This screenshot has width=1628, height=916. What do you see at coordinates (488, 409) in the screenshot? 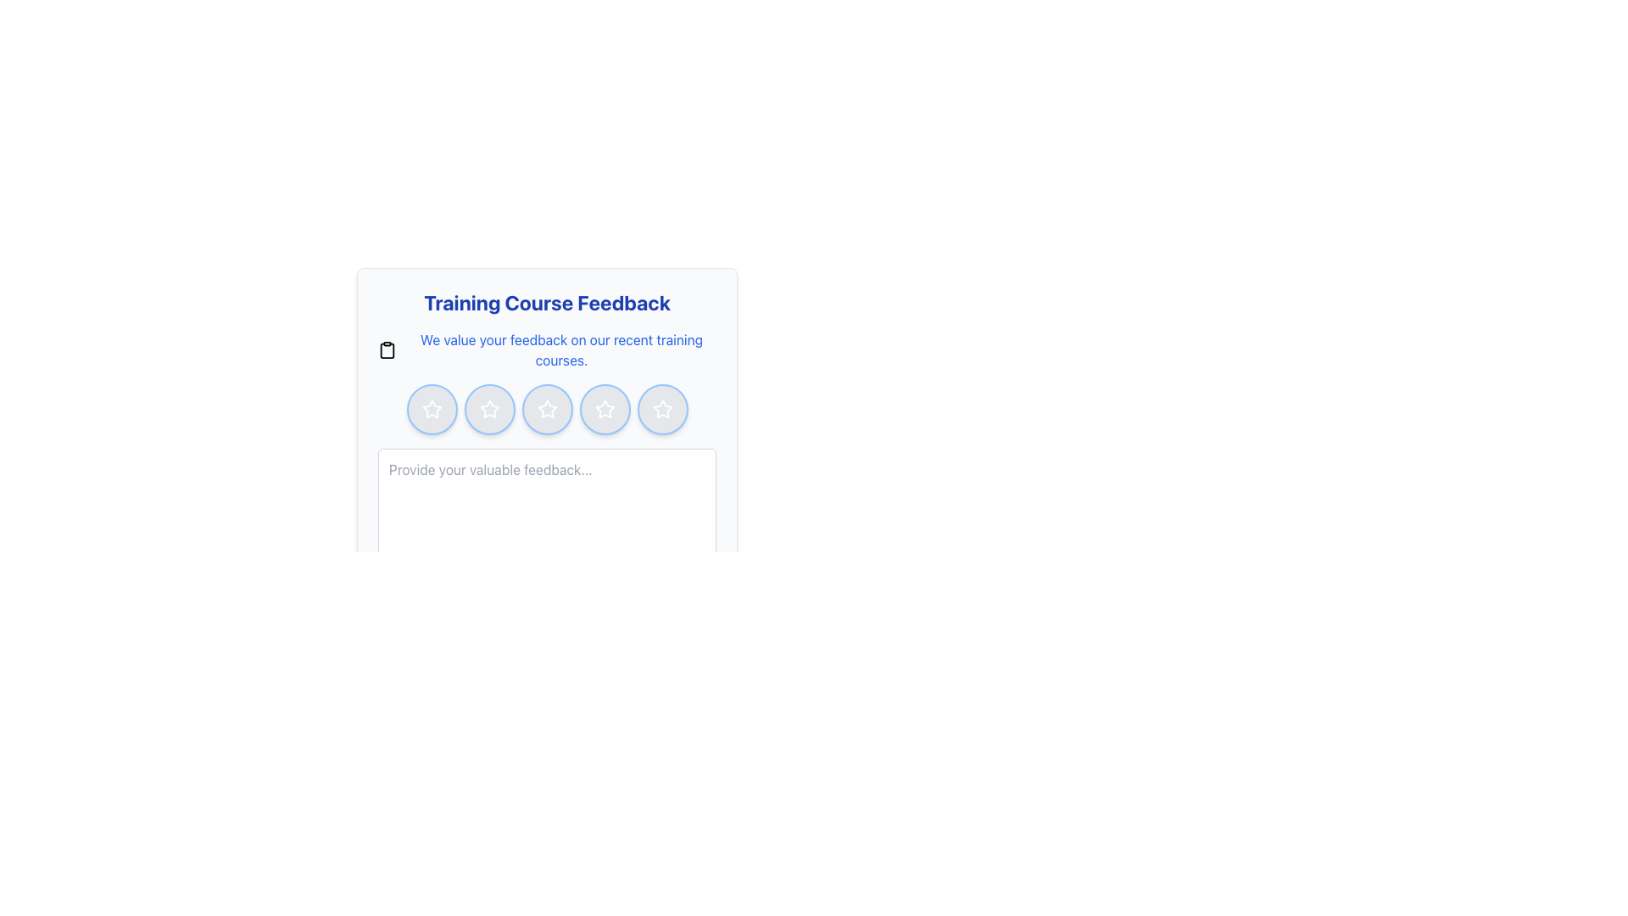
I see `the second Rating Button in the horizontal row located beneath 'Training Course Feedback'` at bounding box center [488, 409].